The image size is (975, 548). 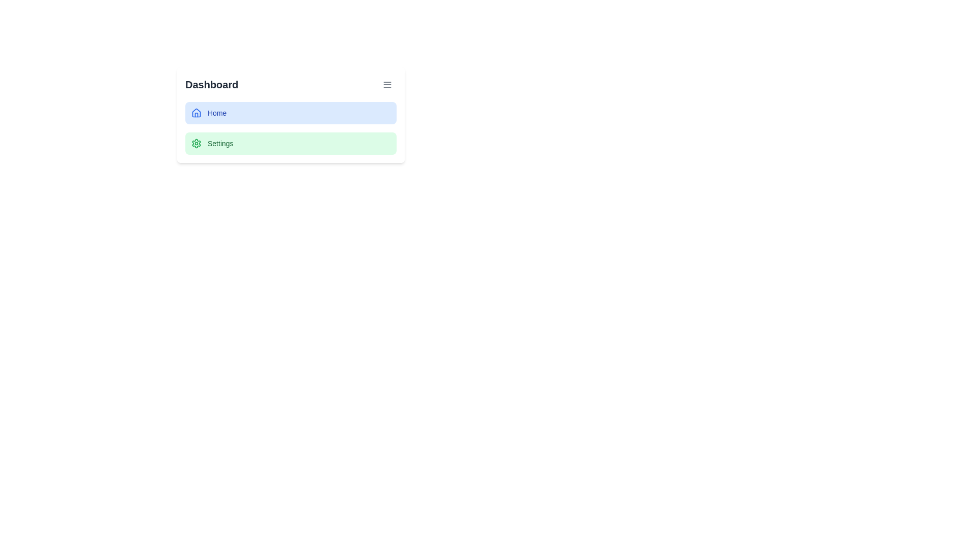 I want to click on the 'Home' text label, which is styled with a small font size, medium weight, and a blue color tone, located in a rounded rectangular menu option beneath the 'Dashboard' header, so click(x=216, y=113).